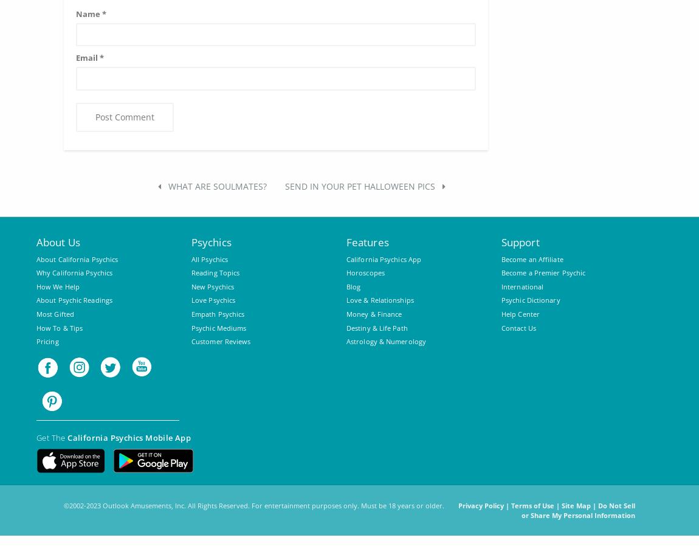 The image size is (699, 546). I want to click on 'Send in Your Pet Halloween Pics', so click(360, 185).